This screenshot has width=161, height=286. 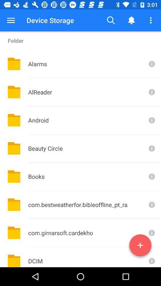 I want to click on the add icon, so click(x=140, y=246).